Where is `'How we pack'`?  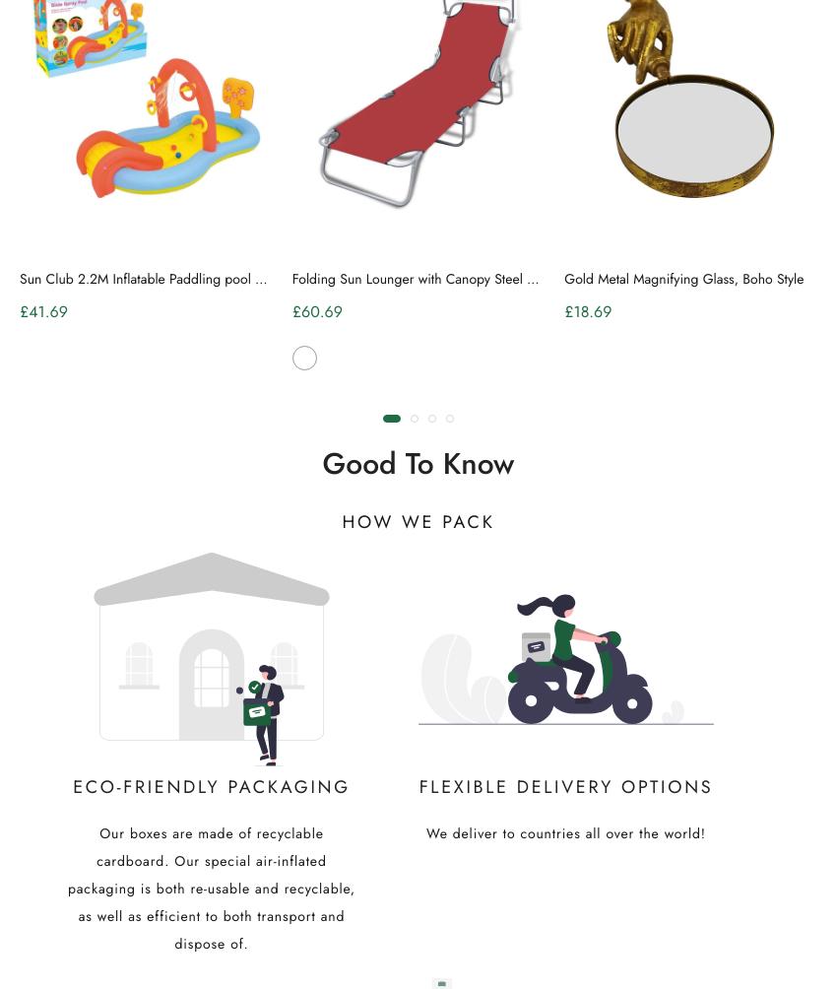
'How we pack' is located at coordinates (418, 521).